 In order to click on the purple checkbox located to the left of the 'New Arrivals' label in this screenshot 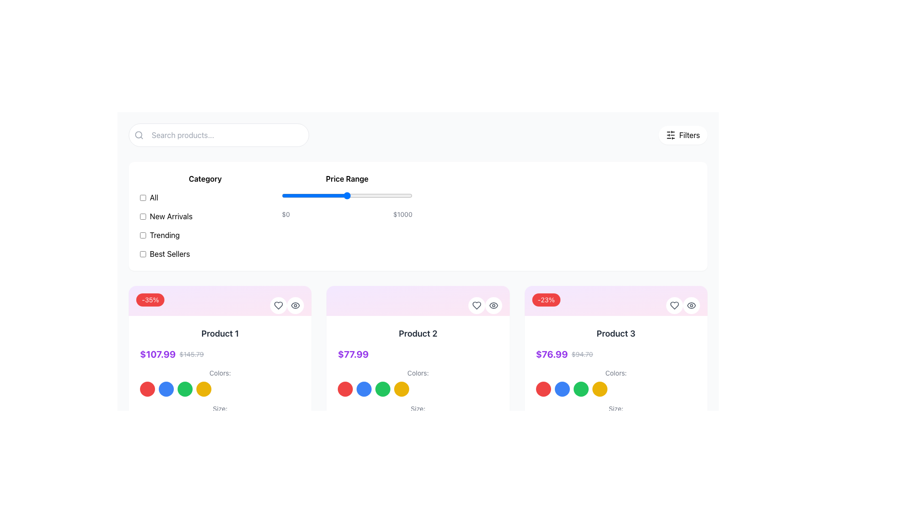, I will do `click(142, 216)`.